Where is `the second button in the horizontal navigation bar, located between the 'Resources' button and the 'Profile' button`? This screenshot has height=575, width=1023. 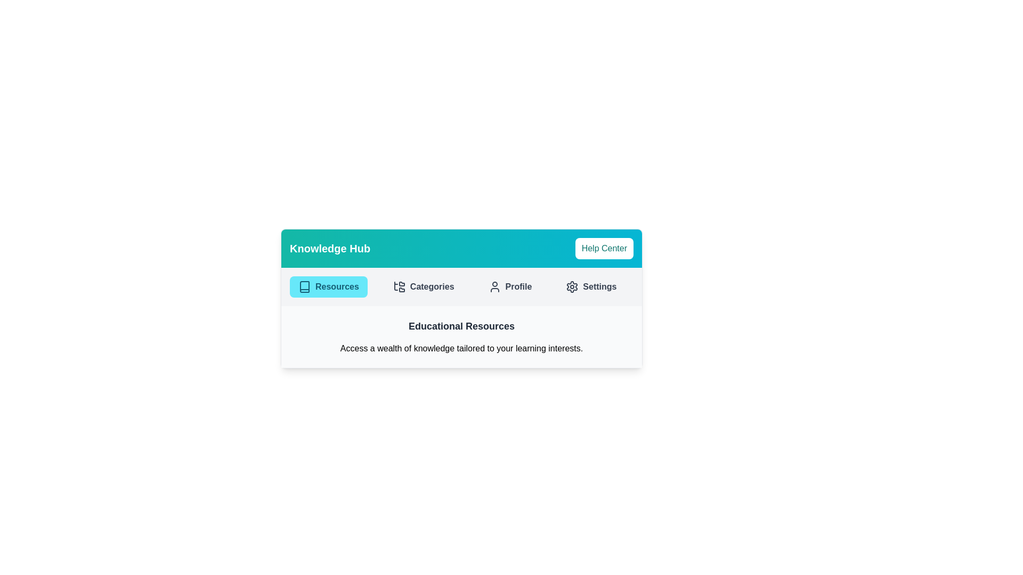 the second button in the horizontal navigation bar, located between the 'Resources' button and the 'Profile' button is located at coordinates (423, 286).